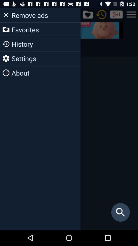  What do you see at coordinates (7, 47) in the screenshot?
I see `the history icon` at bounding box center [7, 47].